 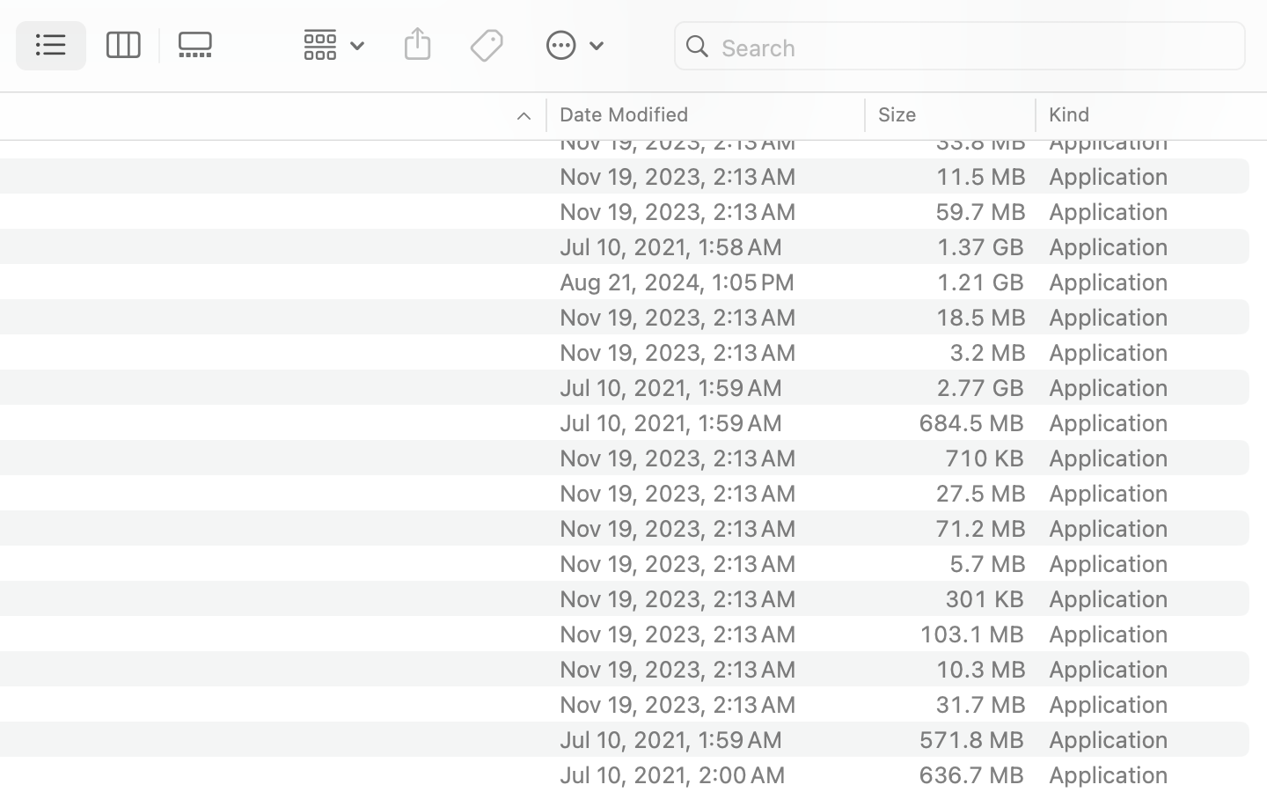 I want to click on 'Kind', so click(x=1068, y=114).